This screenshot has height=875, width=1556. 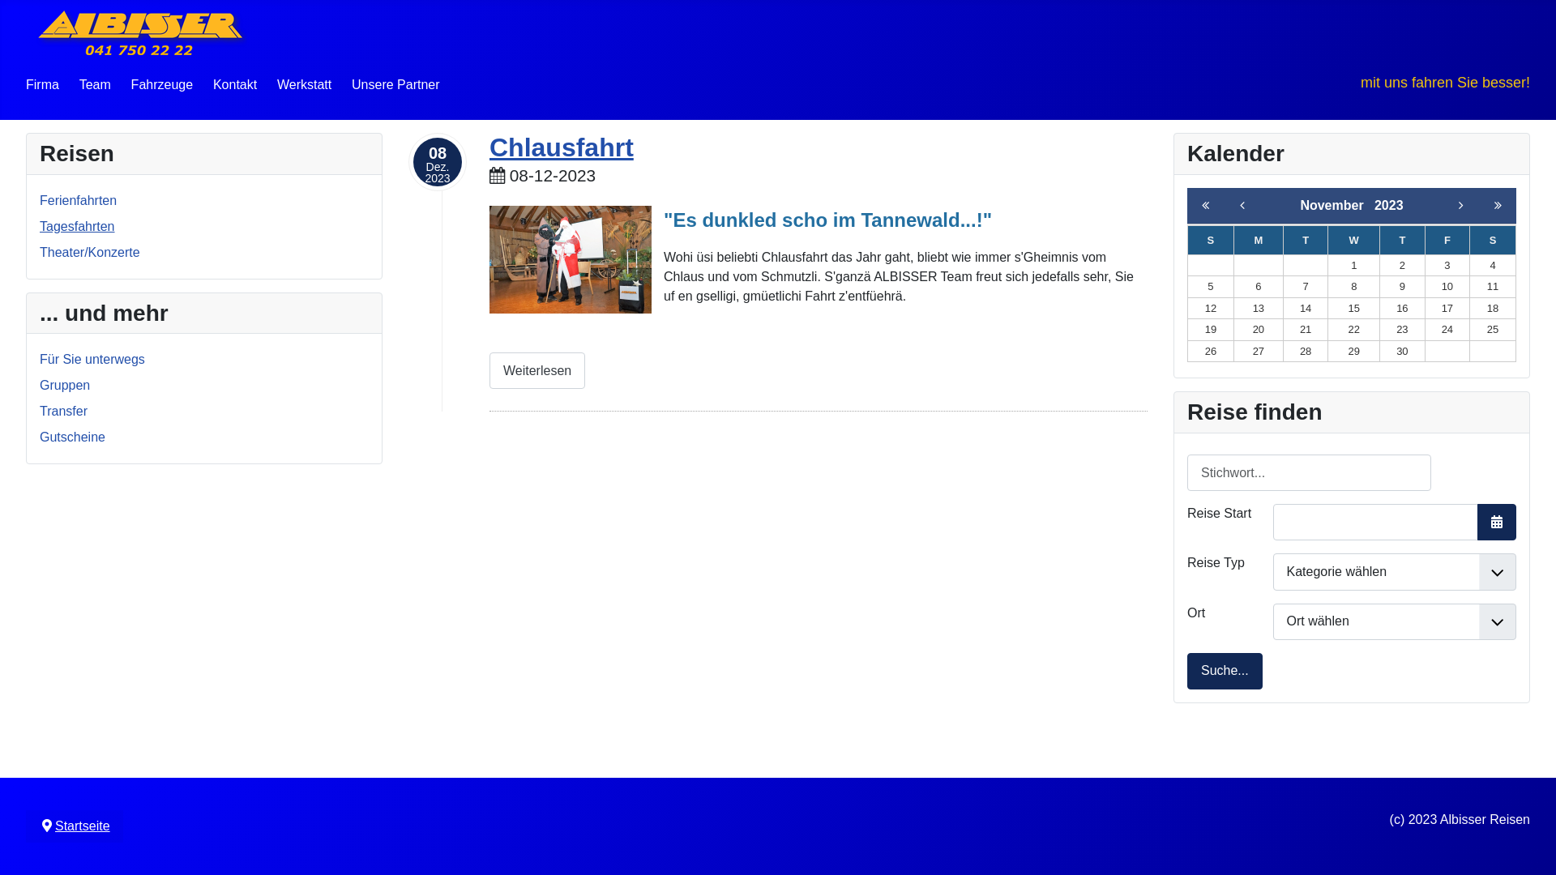 What do you see at coordinates (76, 226) in the screenshot?
I see `'Tagesfahrten'` at bounding box center [76, 226].